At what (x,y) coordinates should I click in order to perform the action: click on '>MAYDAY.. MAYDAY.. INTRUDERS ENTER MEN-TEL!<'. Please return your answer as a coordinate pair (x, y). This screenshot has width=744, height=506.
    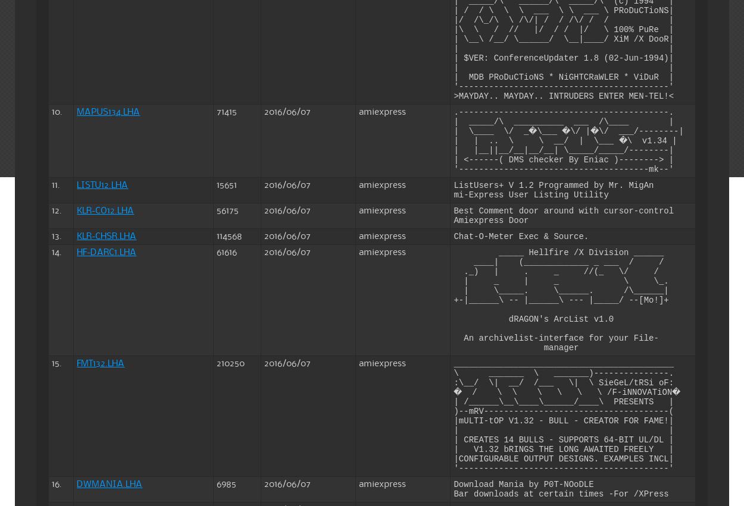
    Looking at the image, I should click on (563, 95).